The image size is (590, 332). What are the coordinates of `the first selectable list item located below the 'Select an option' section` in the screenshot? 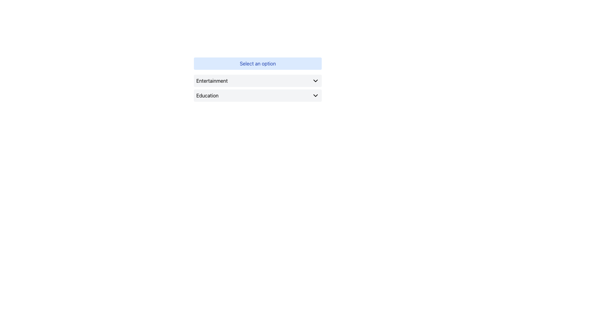 It's located at (258, 80).